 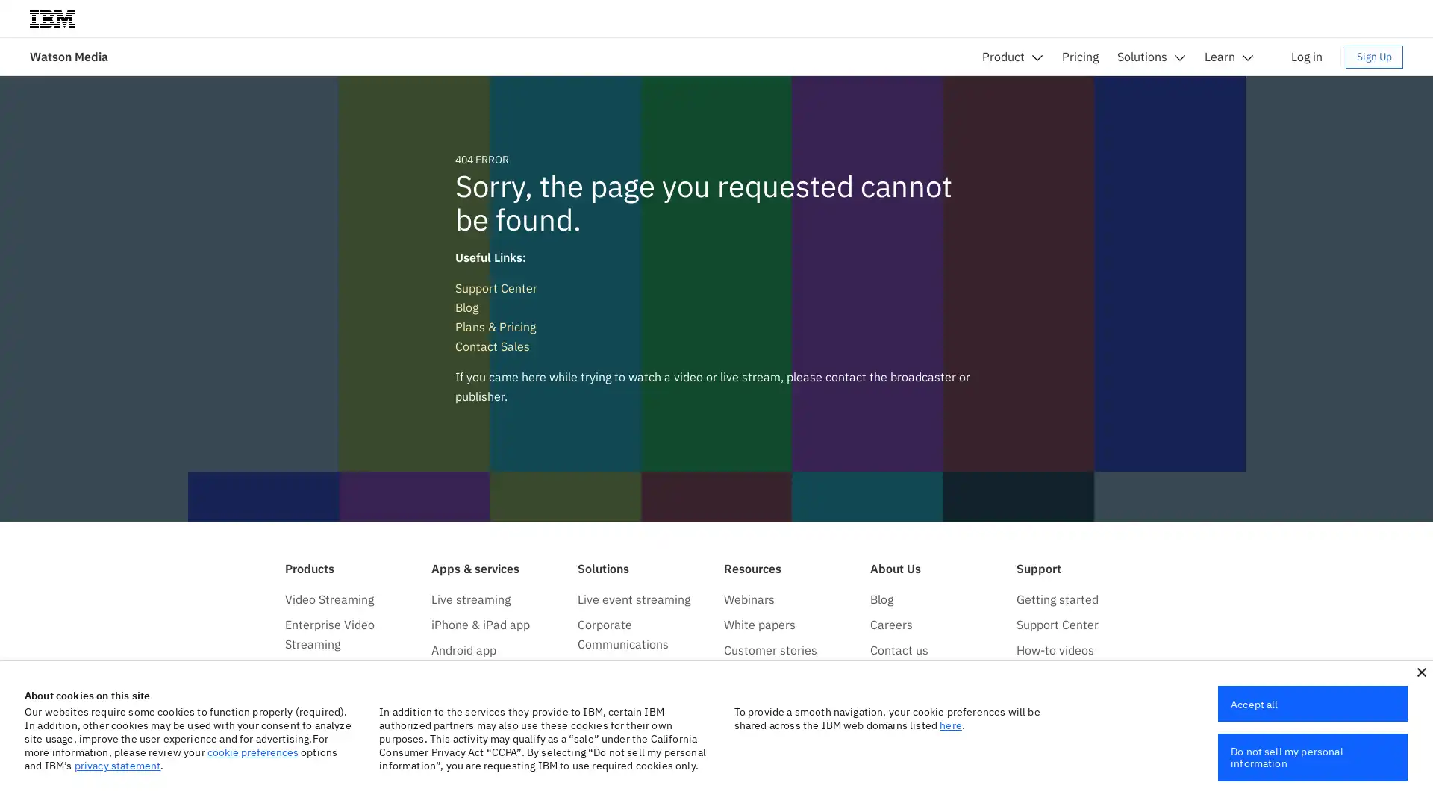 What do you see at coordinates (1421, 672) in the screenshot?
I see `close icon` at bounding box center [1421, 672].